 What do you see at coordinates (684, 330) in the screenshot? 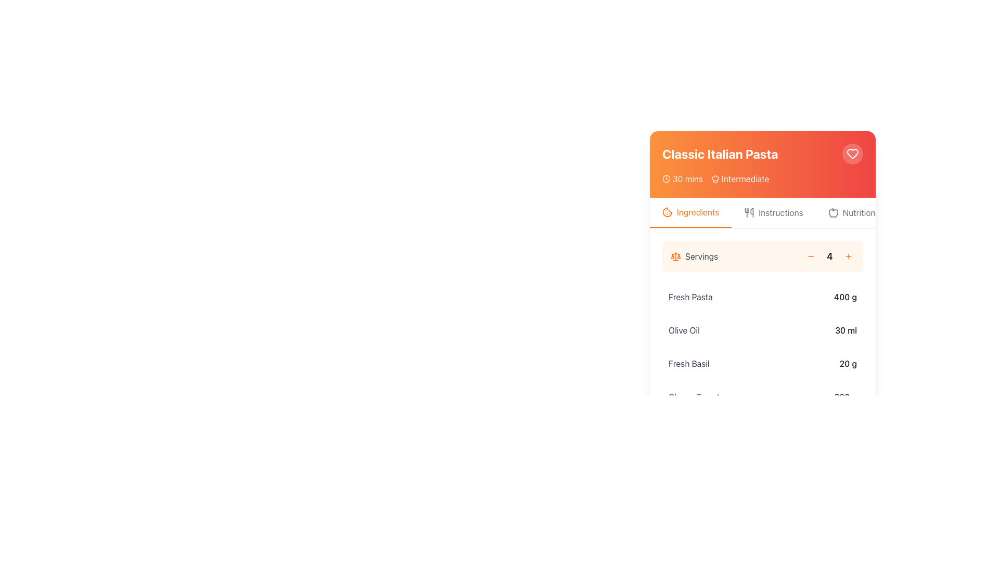
I see `the Label element displaying 'Olive Oil', which is in a vertical list of ingredients and positioned to the left of '30 ml'` at bounding box center [684, 330].